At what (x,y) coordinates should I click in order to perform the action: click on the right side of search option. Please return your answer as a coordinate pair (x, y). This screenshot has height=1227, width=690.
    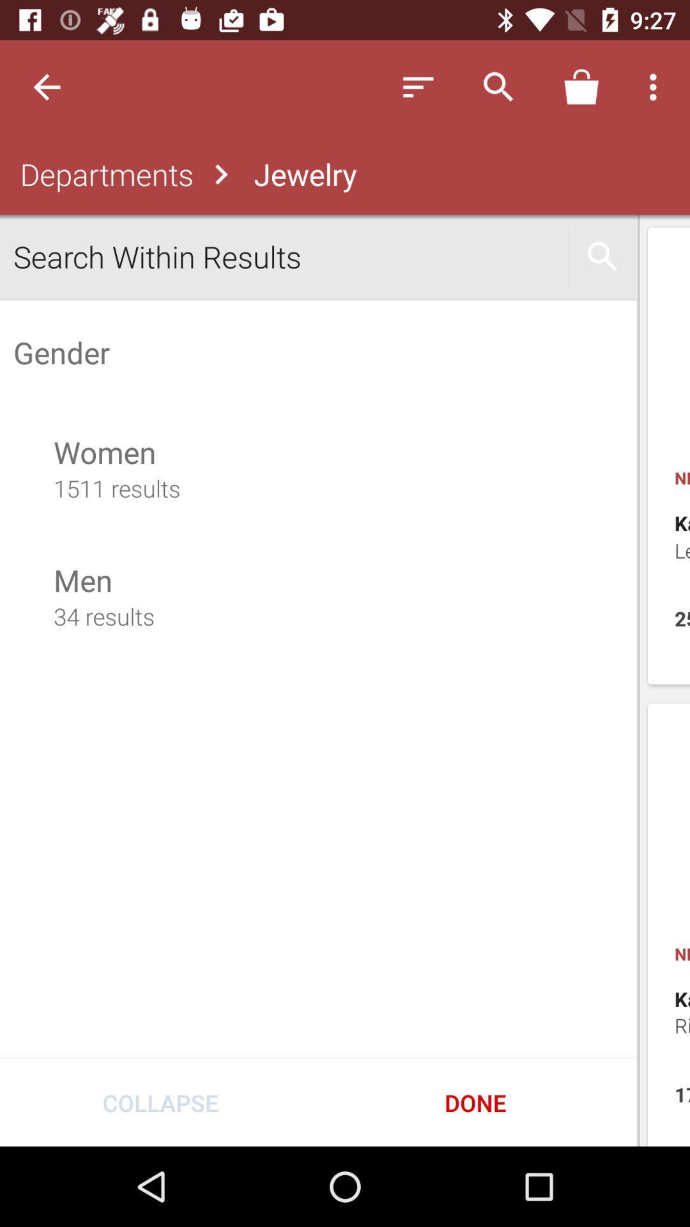
    Looking at the image, I should click on (602, 256).